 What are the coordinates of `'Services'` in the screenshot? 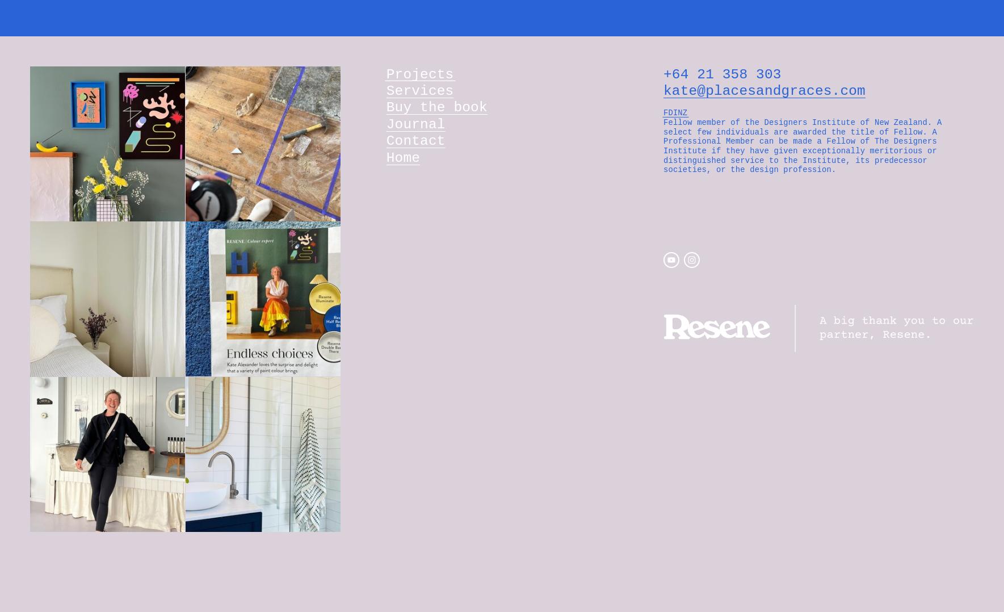 It's located at (419, 90).